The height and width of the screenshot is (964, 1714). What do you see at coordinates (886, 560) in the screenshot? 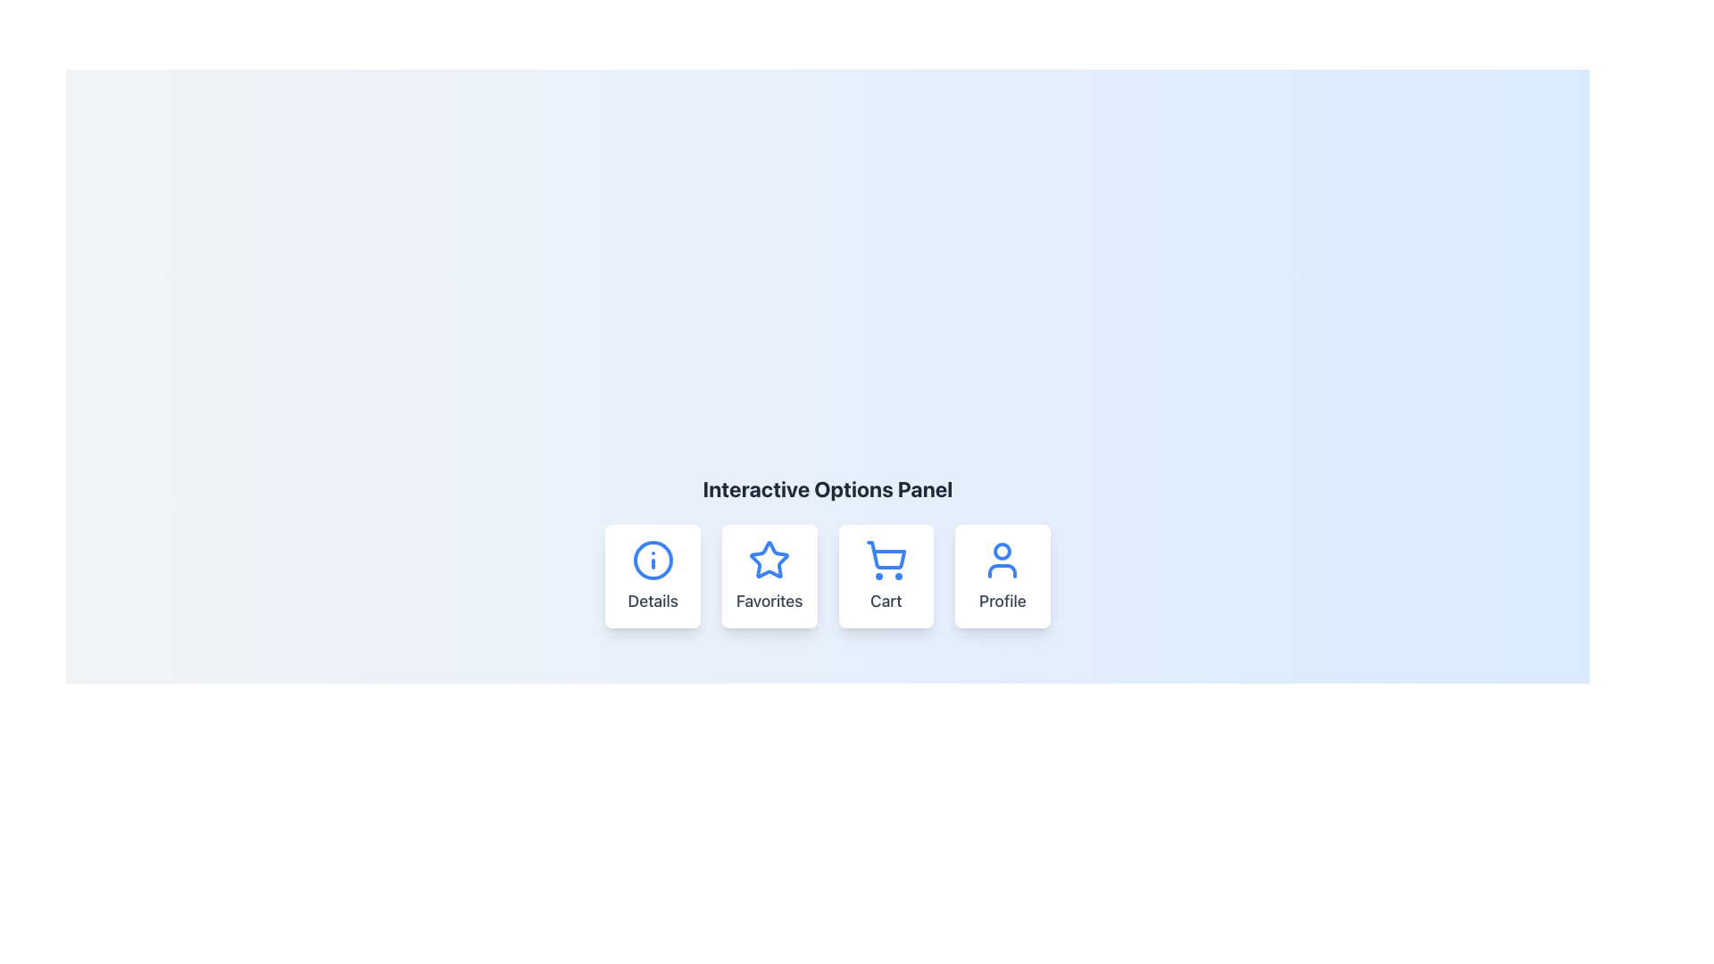
I see `the shopping cart icon, which is the third icon from the left in the 'Interactive Options Panel' and is located above the 'Cart' text` at bounding box center [886, 560].